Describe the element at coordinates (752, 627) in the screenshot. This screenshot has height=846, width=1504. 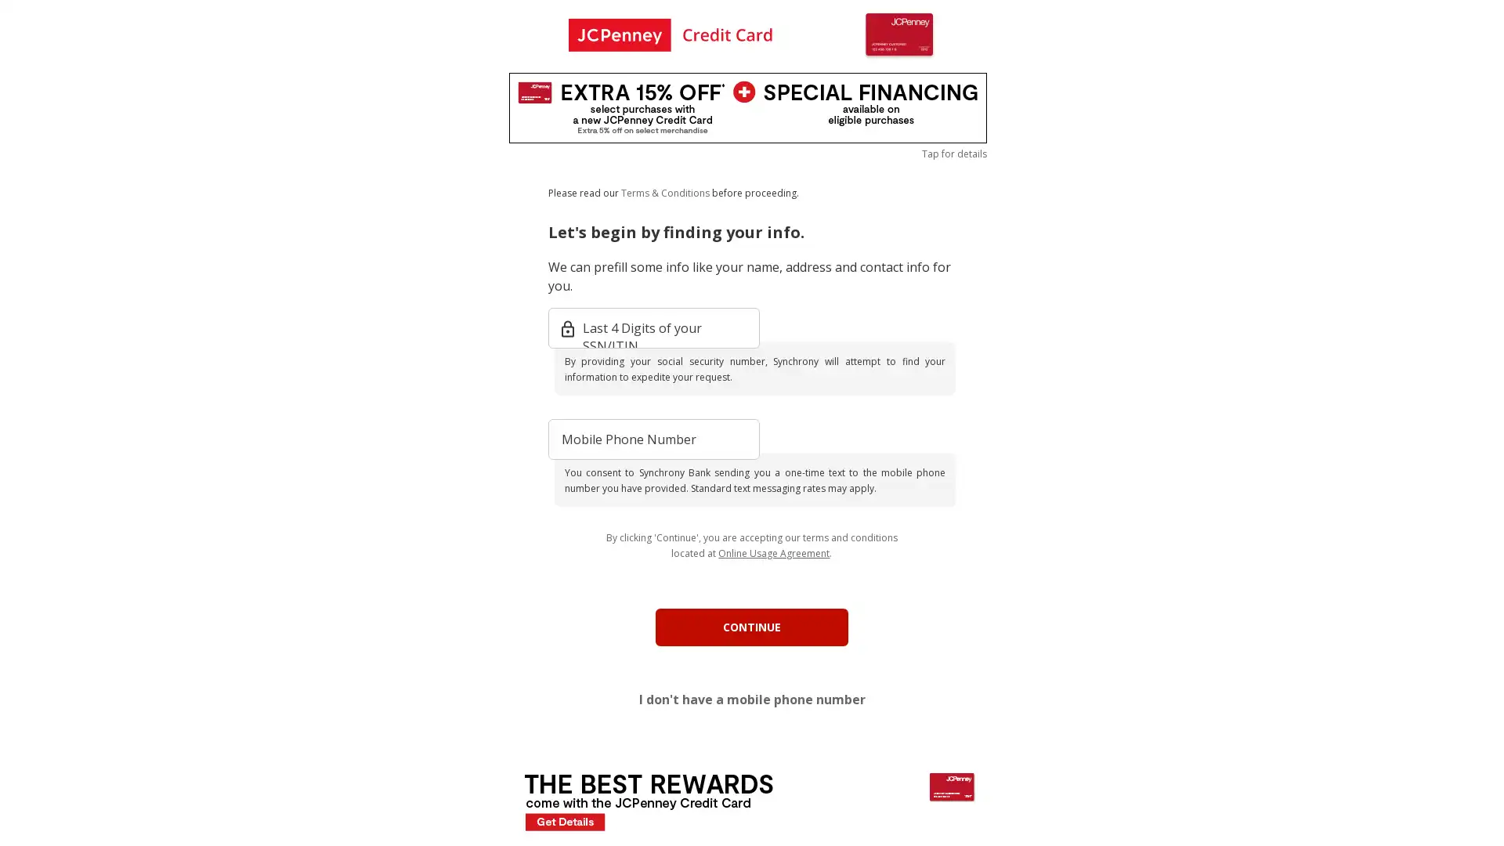
I see `CONTINUE` at that location.